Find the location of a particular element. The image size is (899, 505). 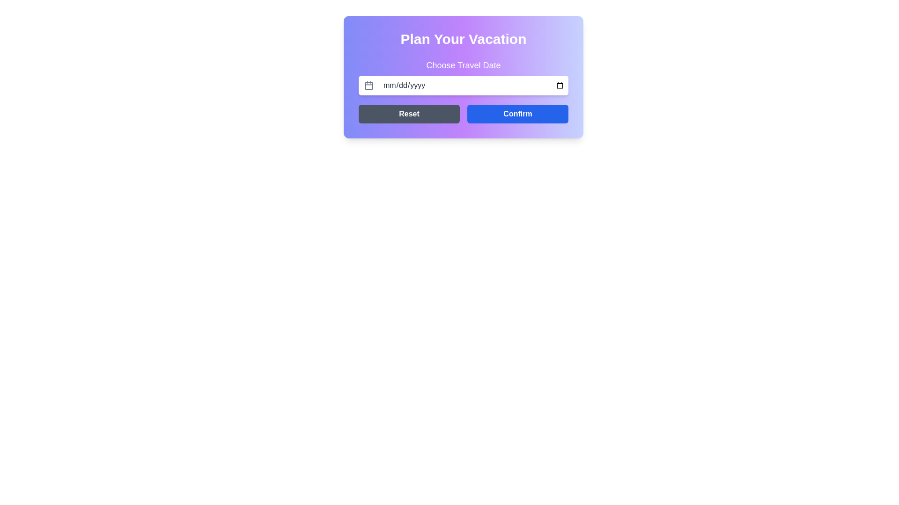

the confirmation button located to the right of the 'Reset' button to confirm the action related is located at coordinates (517, 113).